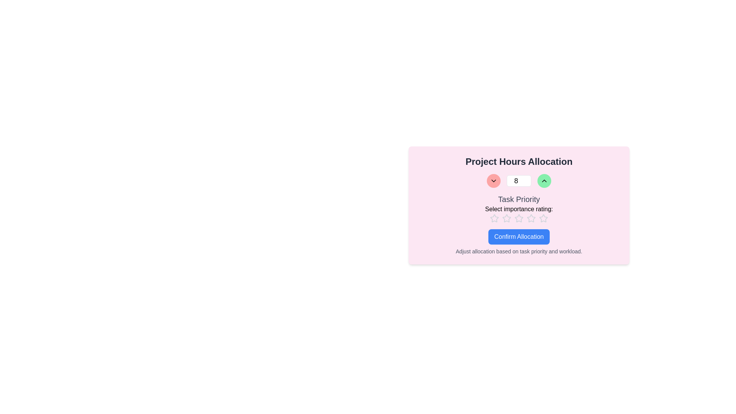  I want to click on the Increment button represented as an upward chevron icon, so click(544, 181).